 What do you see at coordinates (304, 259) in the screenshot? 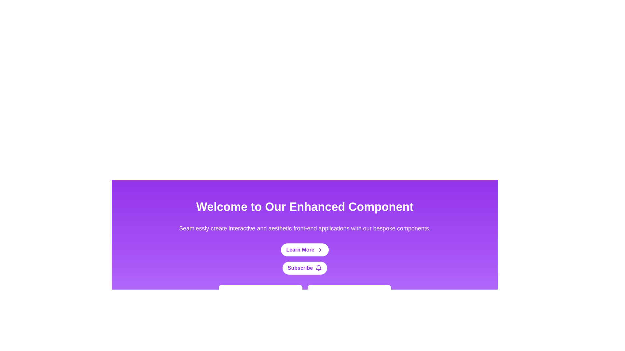
I see `the vertically stacked buttons labeled 'Learn More' and 'Subscribe'` at bounding box center [304, 259].